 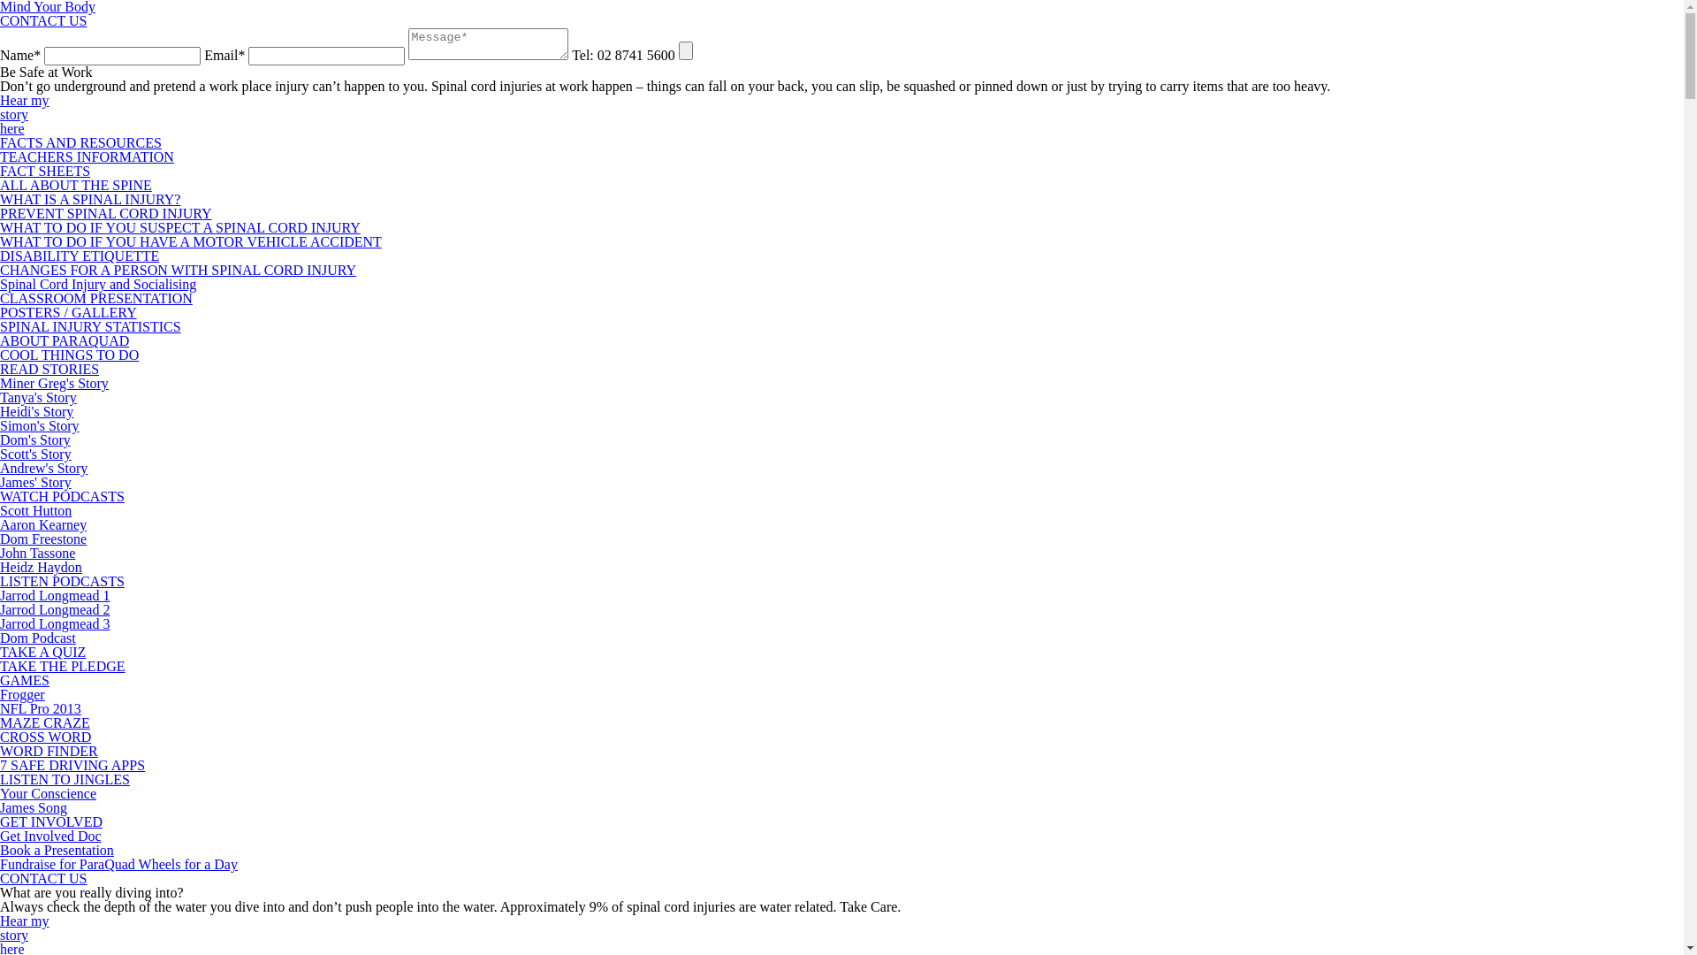 What do you see at coordinates (62, 496) in the screenshot?
I see `'WATCH PODCASTS'` at bounding box center [62, 496].